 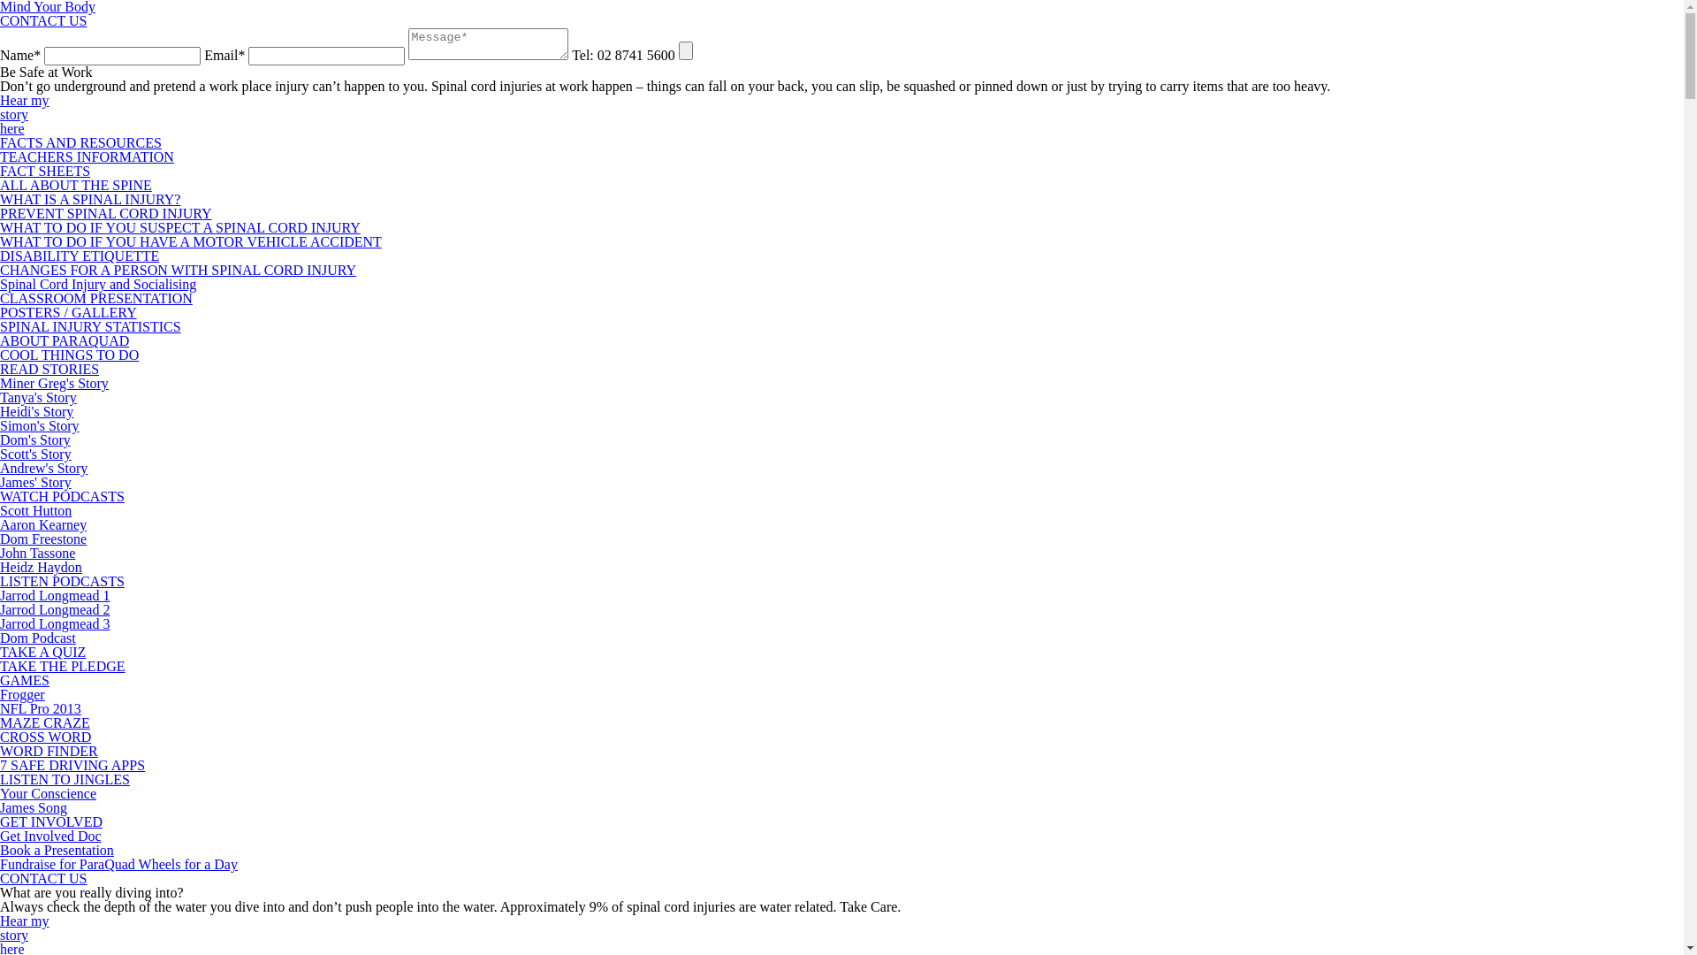 What do you see at coordinates (62, 496) in the screenshot?
I see `'WATCH PODCASTS'` at bounding box center [62, 496].